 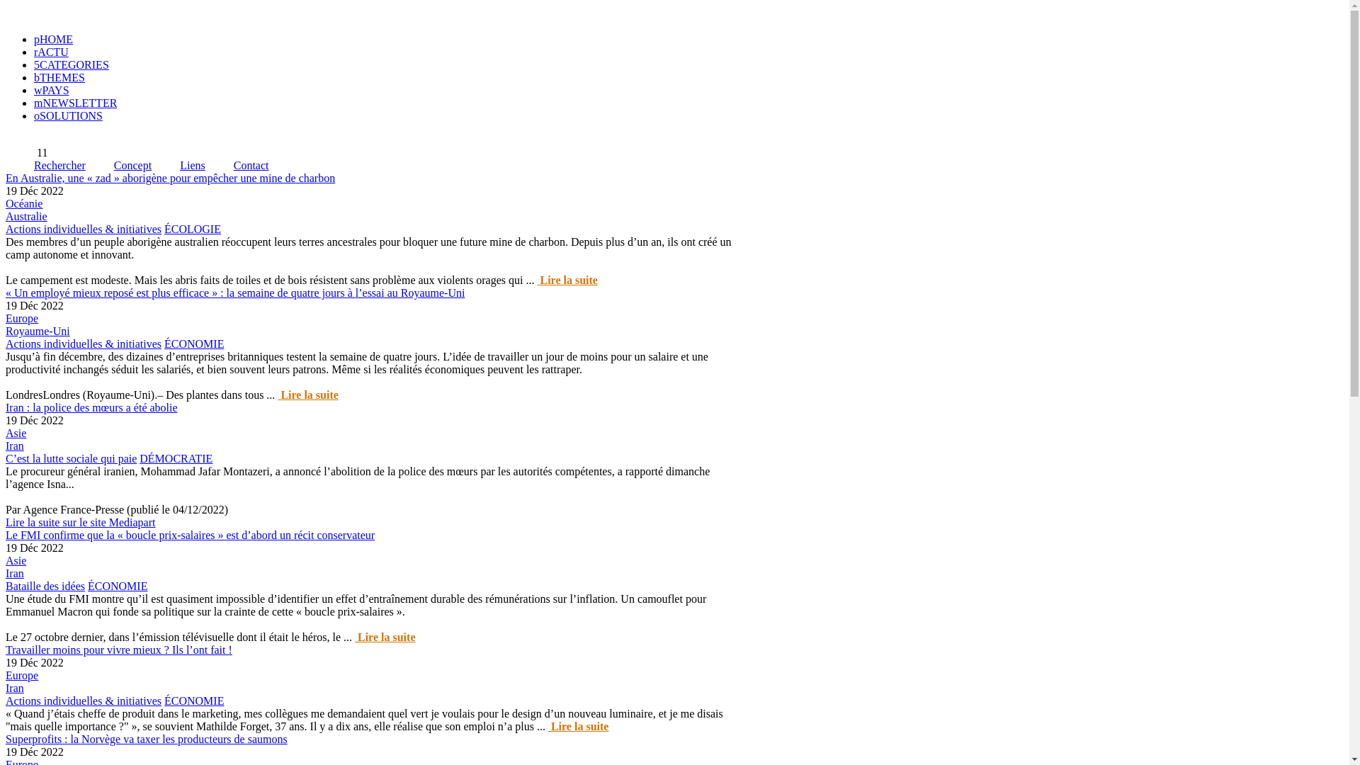 What do you see at coordinates (58, 77) in the screenshot?
I see `'bTHEMES'` at bounding box center [58, 77].